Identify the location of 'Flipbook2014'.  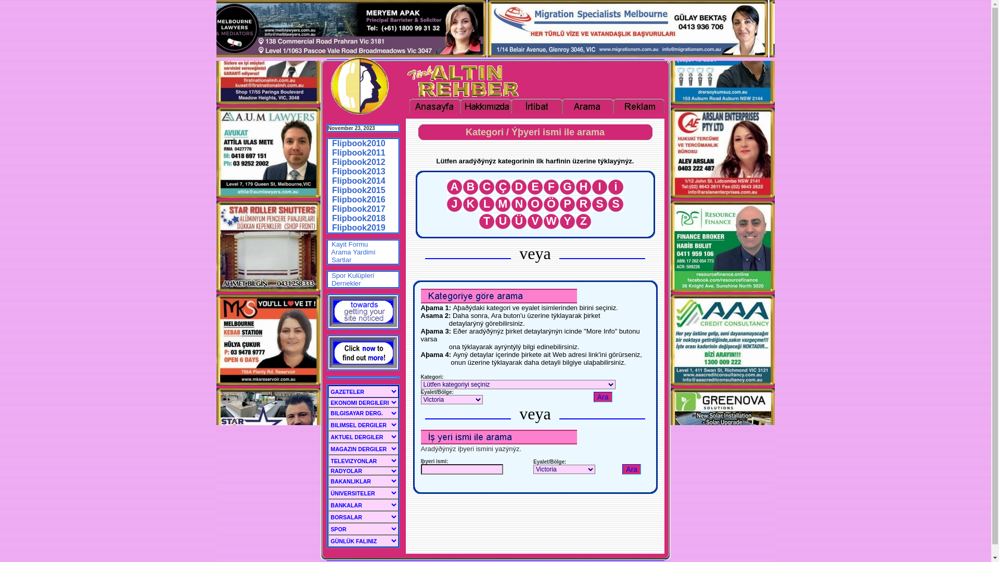
(358, 180).